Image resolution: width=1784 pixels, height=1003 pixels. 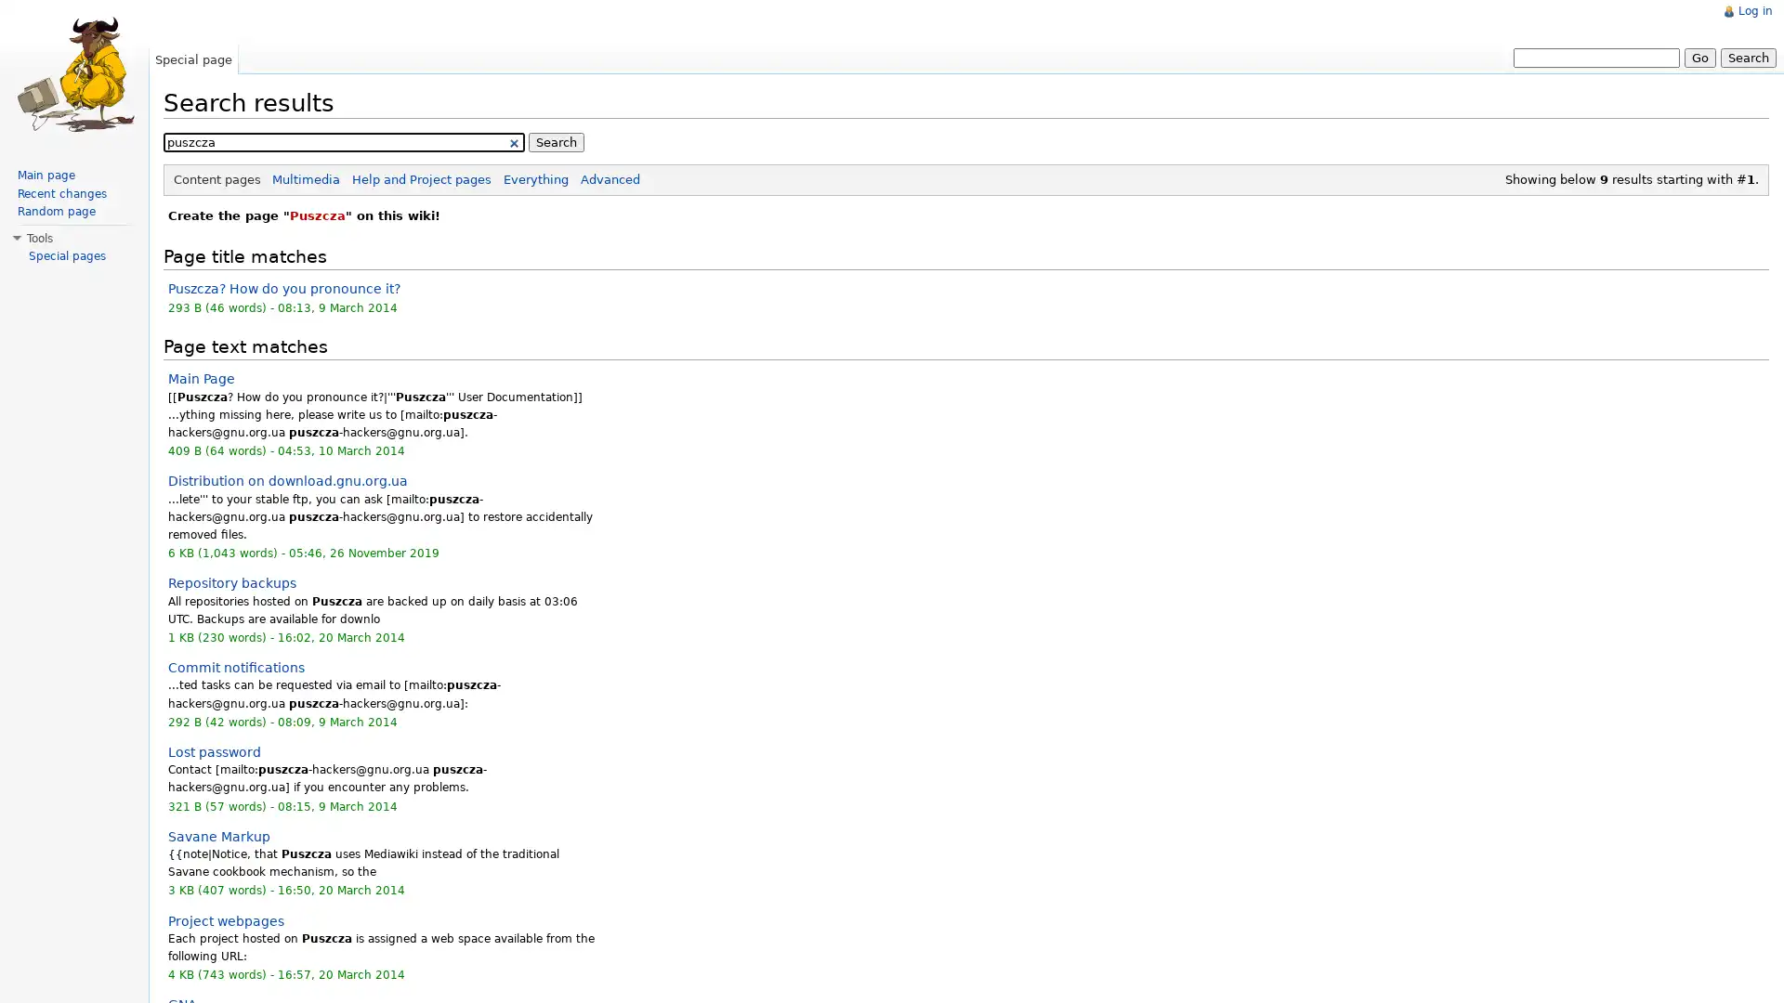 I want to click on Search, so click(x=556, y=140).